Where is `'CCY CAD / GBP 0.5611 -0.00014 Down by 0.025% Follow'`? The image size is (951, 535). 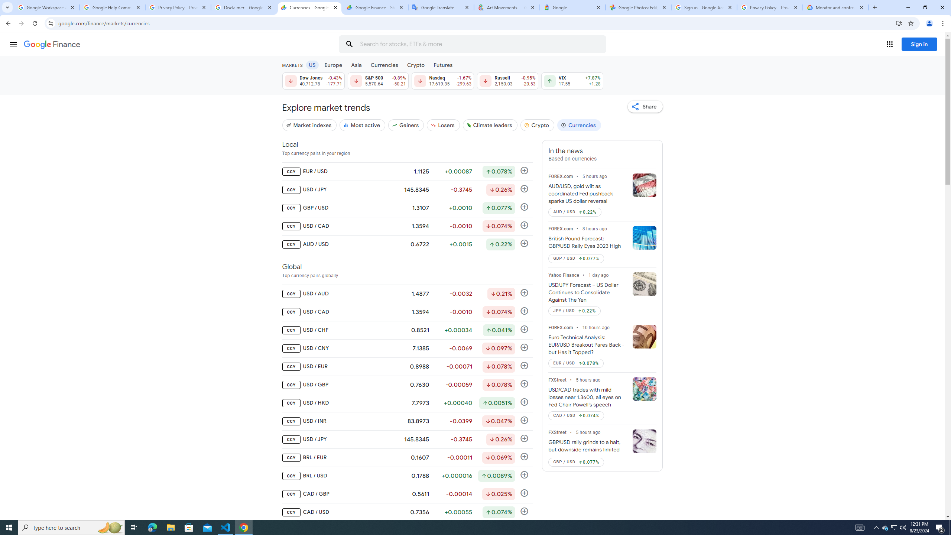
'CCY CAD / GBP 0.5611 -0.00014 Down by 0.025% Follow' is located at coordinates (407, 494).